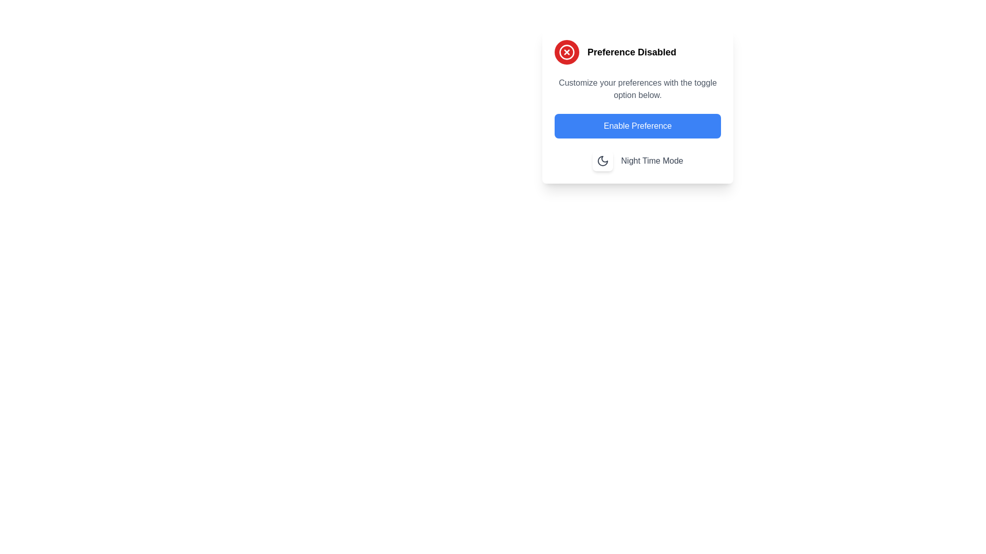 The width and height of the screenshot is (986, 554). Describe the element at coordinates (566, 52) in the screenshot. I see `the circular border portion of the cancellation or closure icon located in the top-left portion of the modal overlay` at that location.